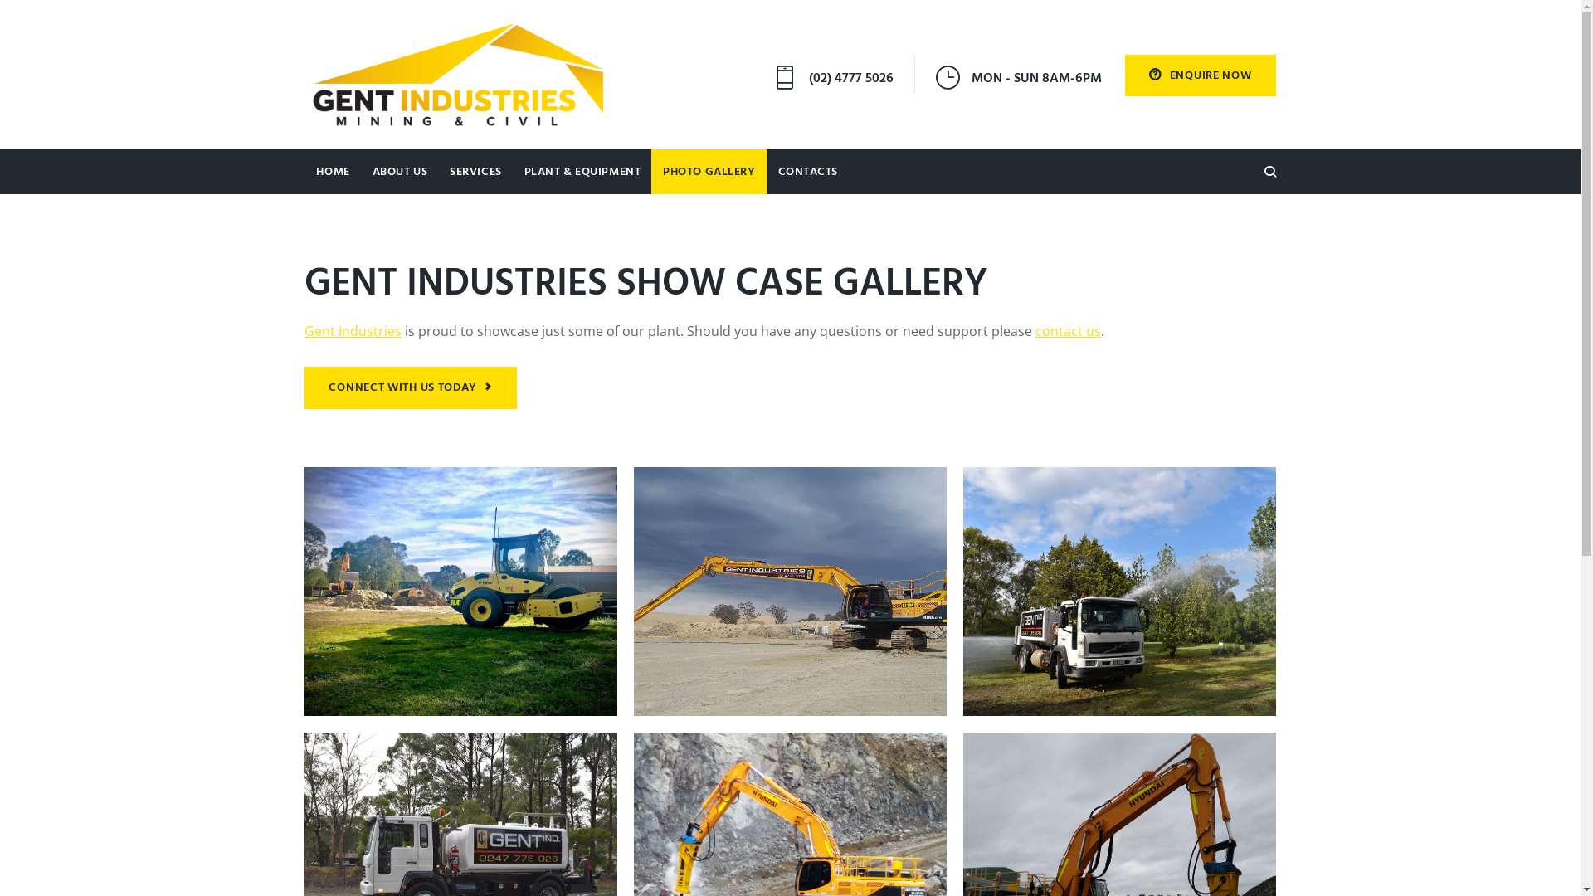  What do you see at coordinates (807, 172) in the screenshot?
I see `'CONTACTS'` at bounding box center [807, 172].